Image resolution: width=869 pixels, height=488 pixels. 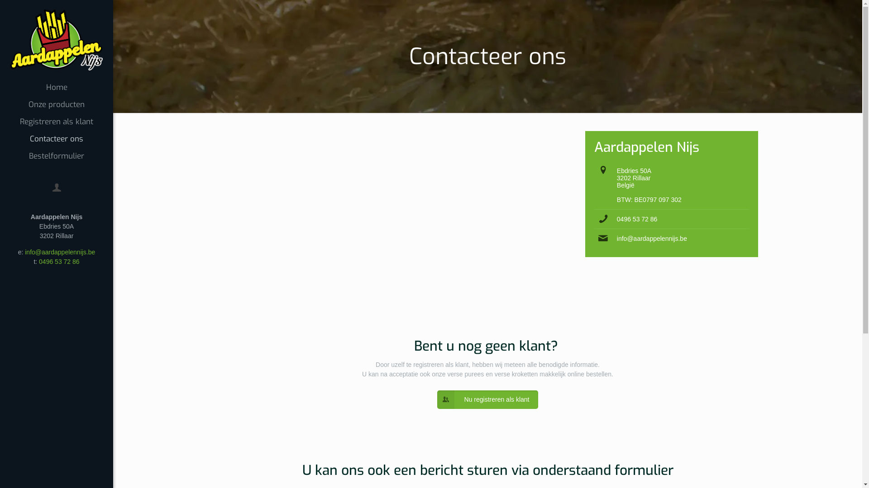 What do you see at coordinates (56, 122) in the screenshot?
I see `'Registreren als klant'` at bounding box center [56, 122].